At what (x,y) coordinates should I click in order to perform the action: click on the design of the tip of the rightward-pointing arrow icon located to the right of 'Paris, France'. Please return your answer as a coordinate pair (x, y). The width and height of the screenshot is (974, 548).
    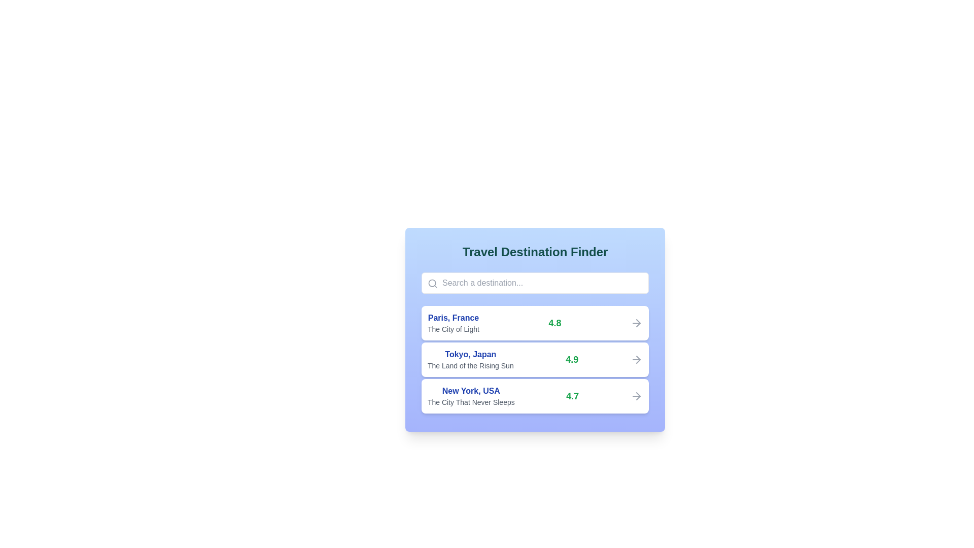
    Looking at the image, I should click on (638, 323).